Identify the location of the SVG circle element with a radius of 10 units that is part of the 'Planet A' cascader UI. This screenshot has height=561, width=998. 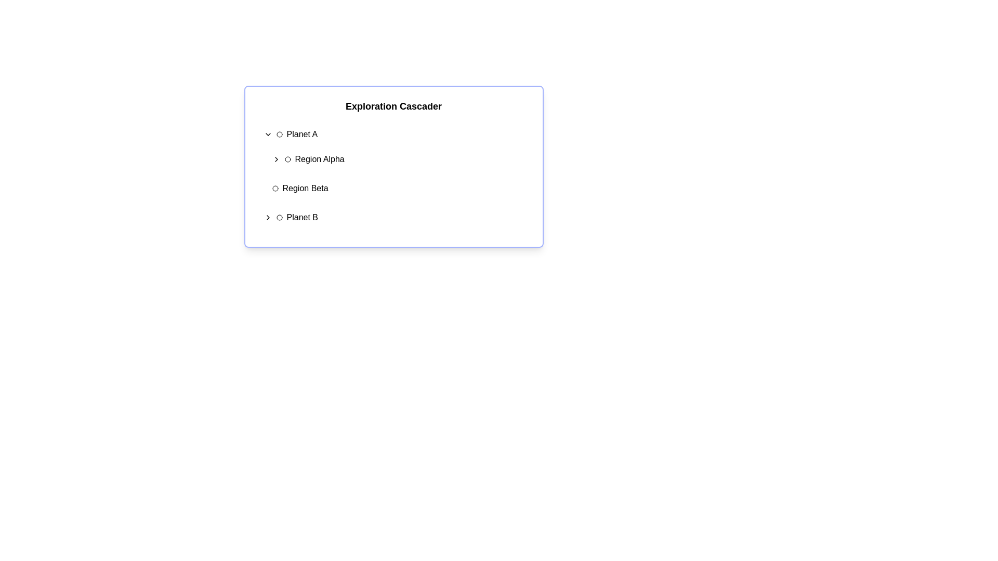
(279, 133).